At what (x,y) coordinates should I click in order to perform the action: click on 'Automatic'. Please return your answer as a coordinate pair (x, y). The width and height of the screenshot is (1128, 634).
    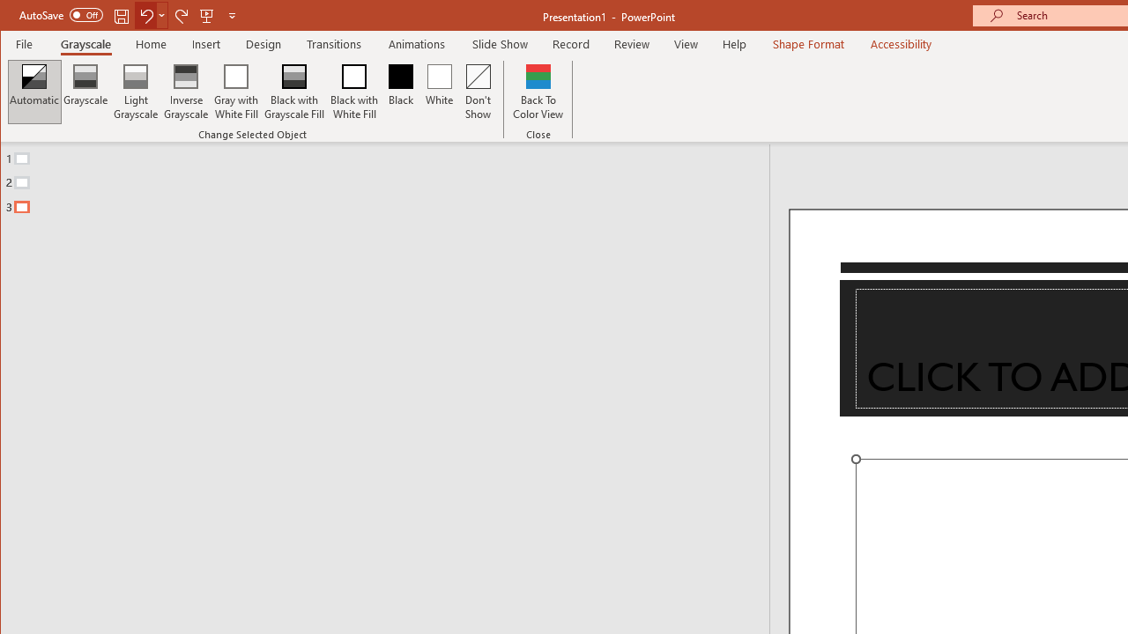
    Looking at the image, I should click on (34, 92).